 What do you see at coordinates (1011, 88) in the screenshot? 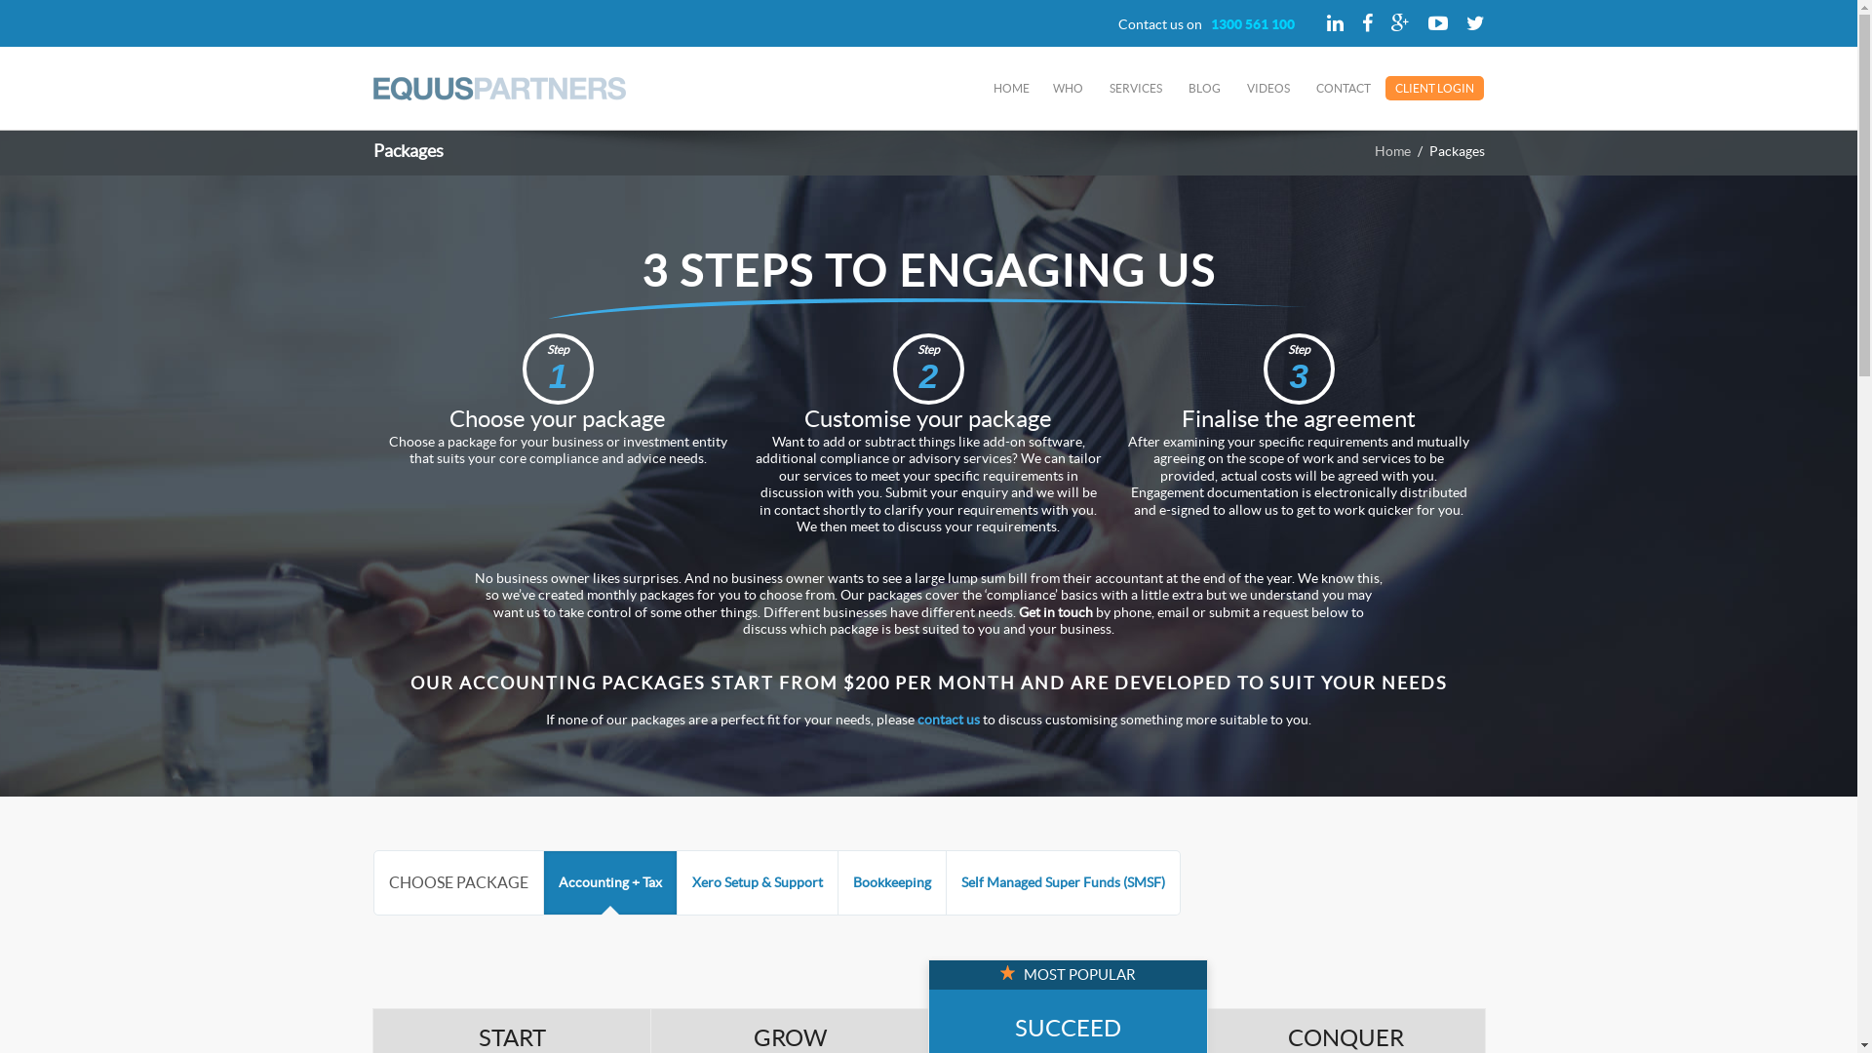
I see `'HOME'` at bounding box center [1011, 88].